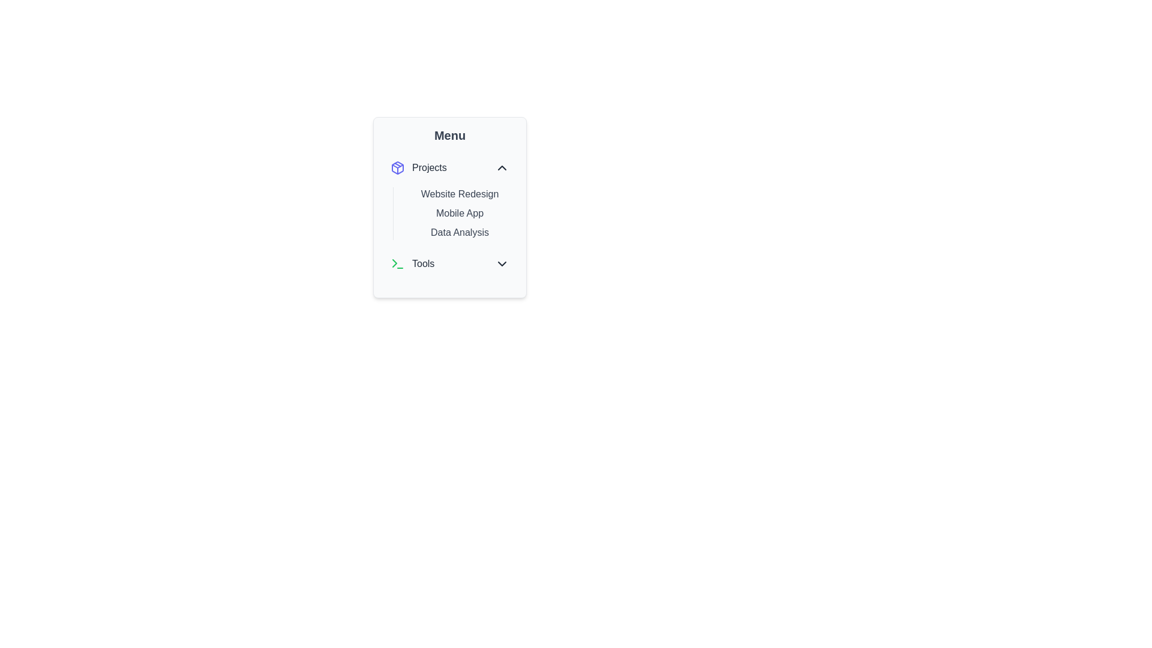 The image size is (1152, 648). Describe the element at coordinates (502, 263) in the screenshot. I see `the chevron icon at the far right of the 'Tools' menu` at that location.